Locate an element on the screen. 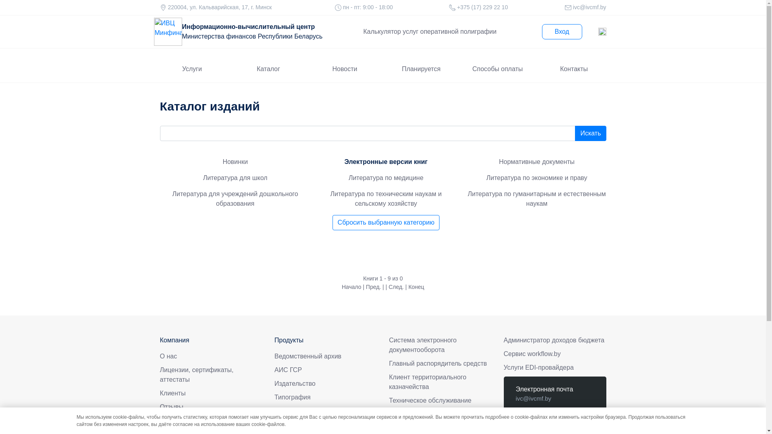 This screenshot has height=434, width=772. '+375 (17) 229 22 10' is located at coordinates (542, 423).